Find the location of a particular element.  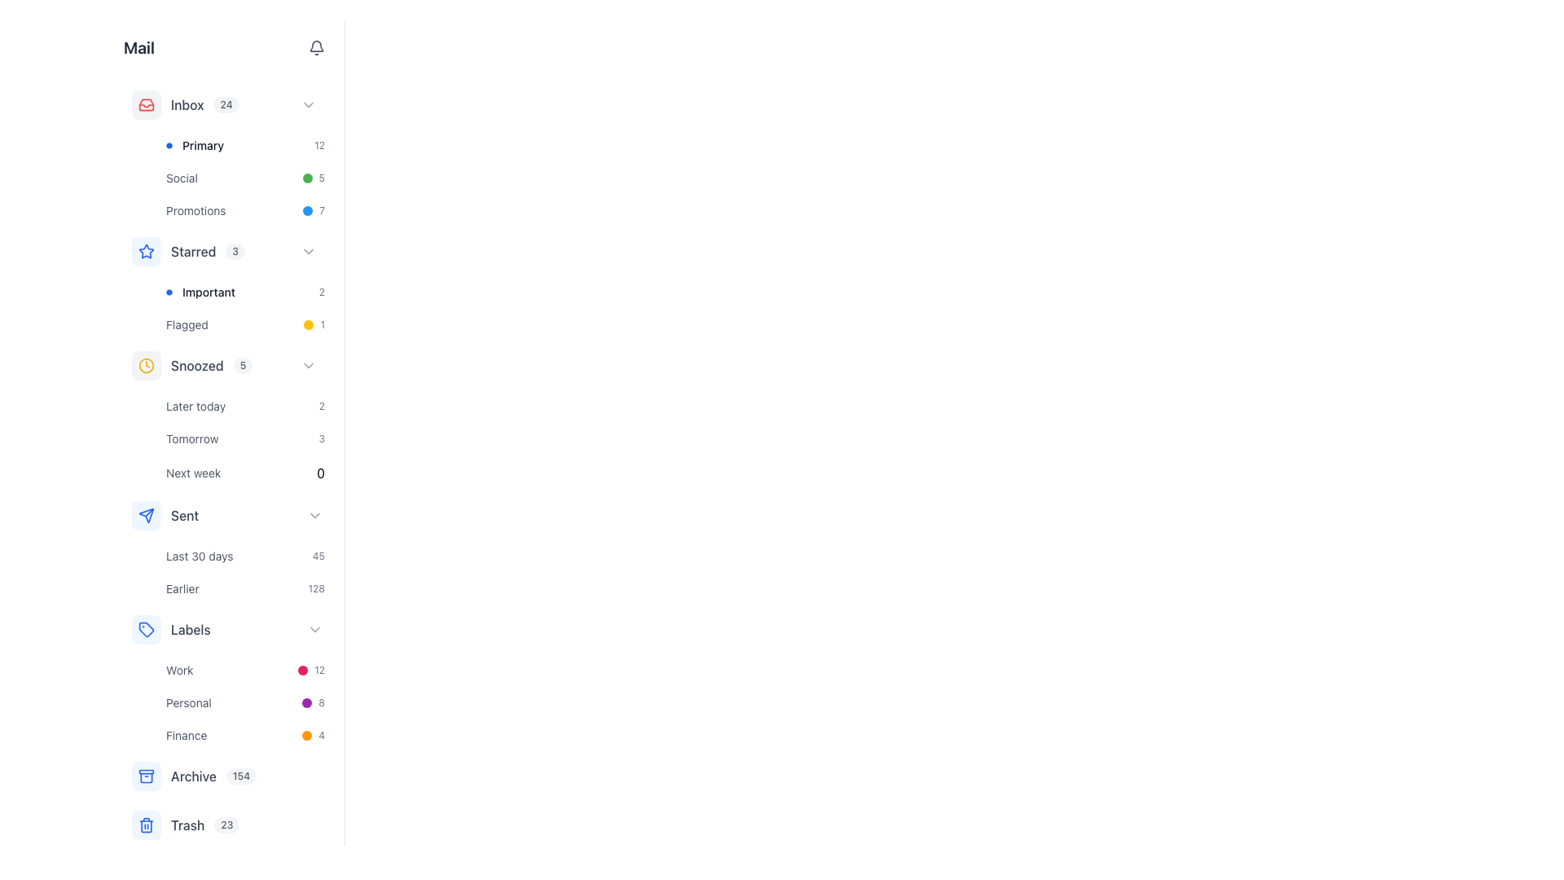

the 'Promotions' indicator and text combination located at the end of the sidebar menu is located at coordinates (314, 209).